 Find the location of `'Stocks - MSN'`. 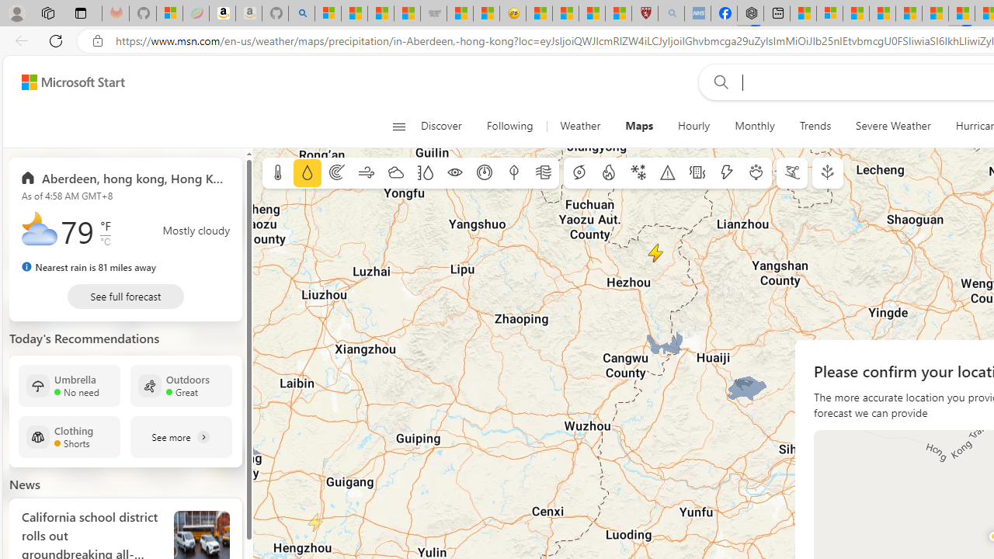

'Stocks - MSN' is located at coordinates (407, 13).